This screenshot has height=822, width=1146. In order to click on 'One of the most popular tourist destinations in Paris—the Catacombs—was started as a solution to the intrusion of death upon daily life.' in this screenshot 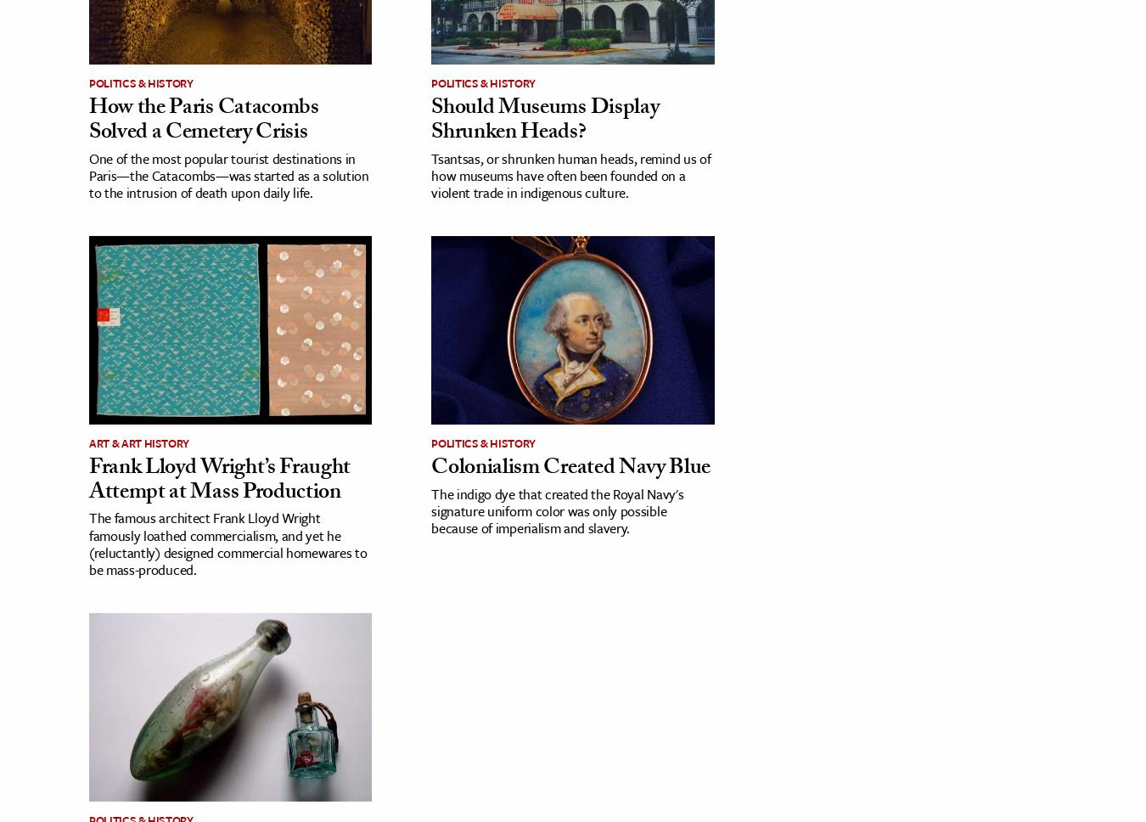, I will do `click(228, 174)`.